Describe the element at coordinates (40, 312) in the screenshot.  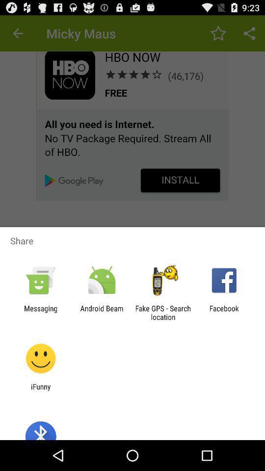
I see `the messaging icon` at that location.